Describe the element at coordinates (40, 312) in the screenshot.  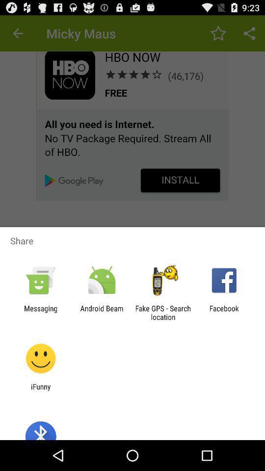
I see `the messaging icon` at that location.